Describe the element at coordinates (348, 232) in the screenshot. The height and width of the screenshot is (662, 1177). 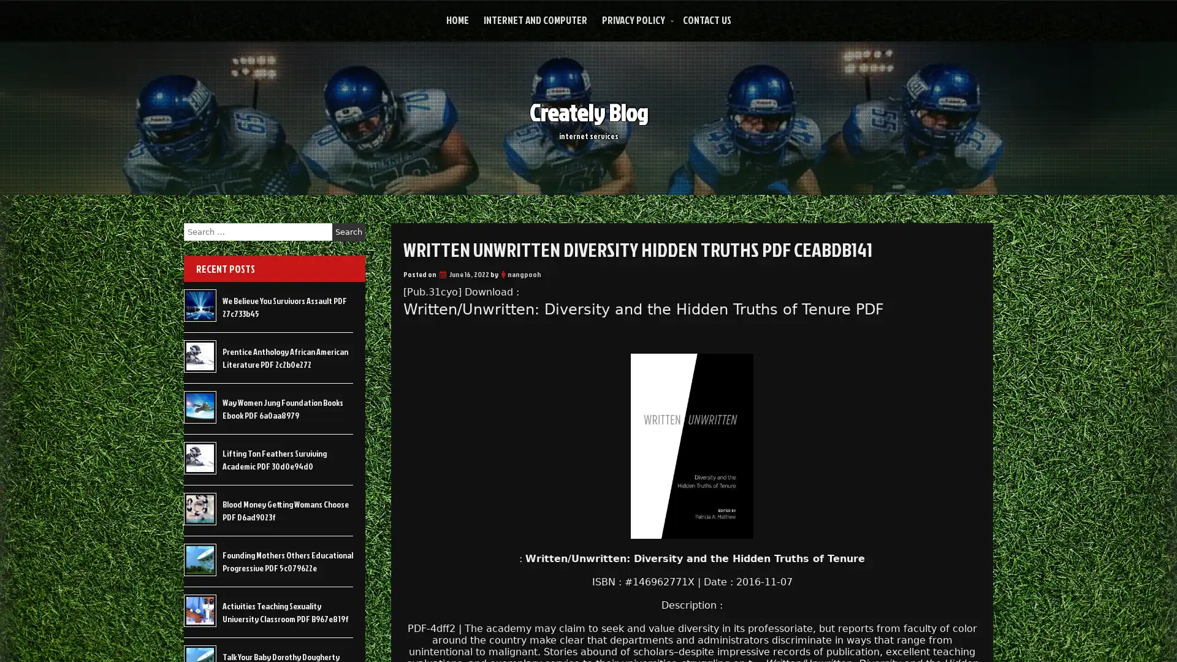
I see `Search` at that location.